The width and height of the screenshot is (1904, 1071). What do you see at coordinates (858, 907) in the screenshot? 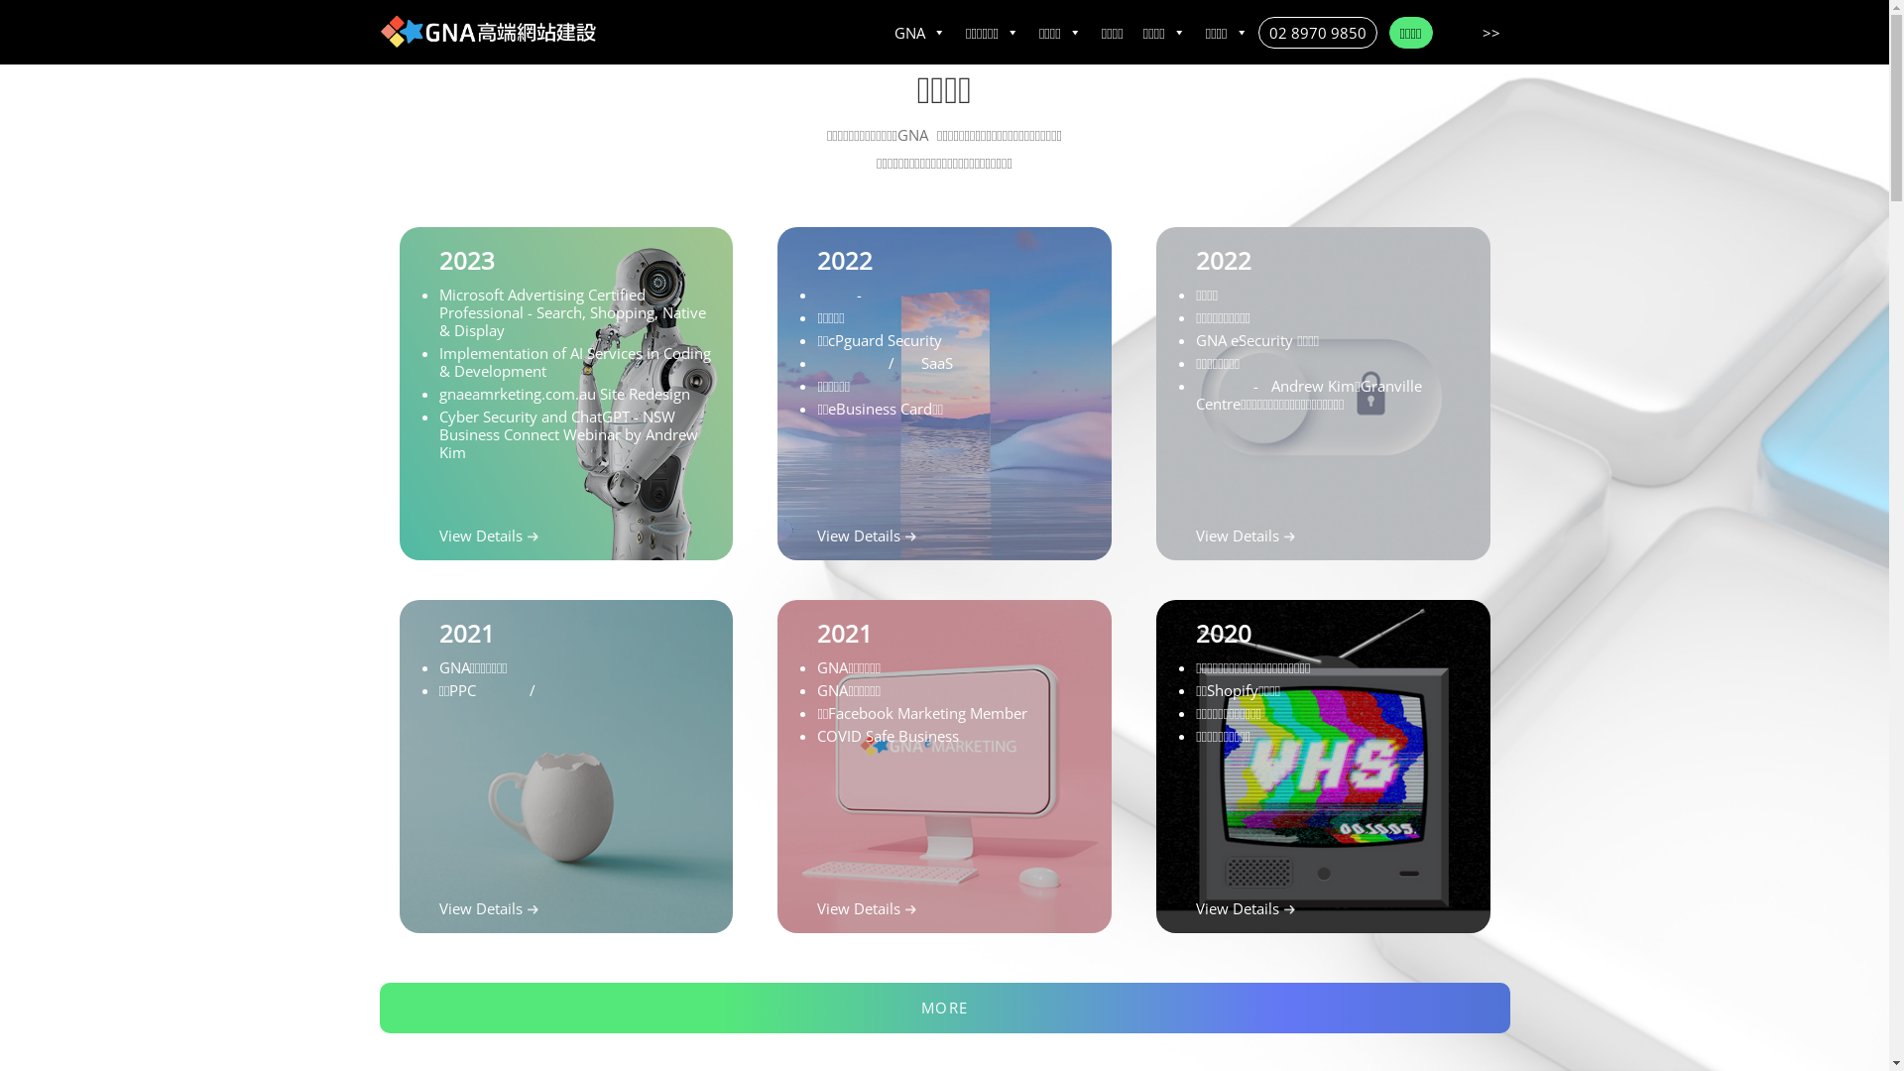
I see `'View Details'` at bounding box center [858, 907].